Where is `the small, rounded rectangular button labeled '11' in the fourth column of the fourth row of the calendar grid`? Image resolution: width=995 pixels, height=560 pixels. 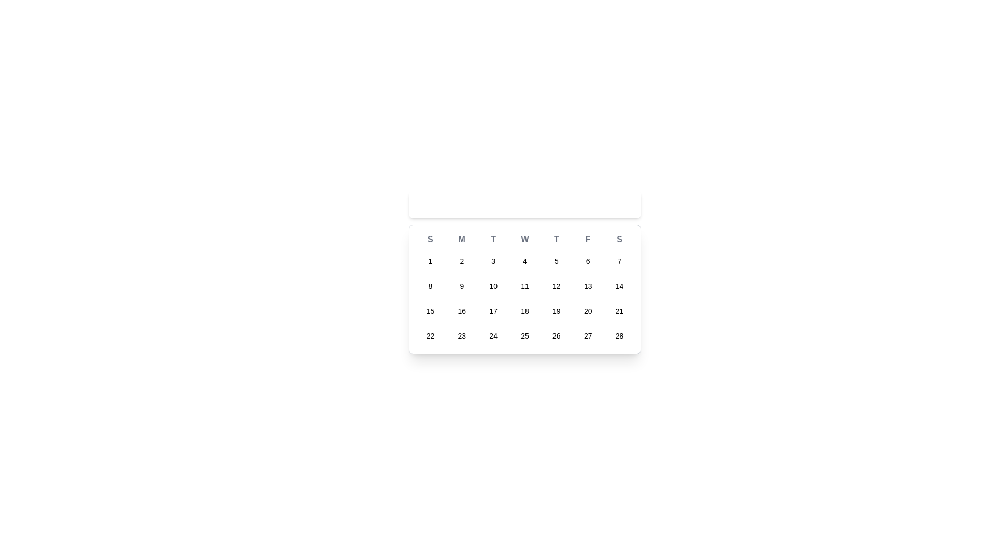 the small, rounded rectangular button labeled '11' in the fourth column of the fourth row of the calendar grid is located at coordinates (524, 286).